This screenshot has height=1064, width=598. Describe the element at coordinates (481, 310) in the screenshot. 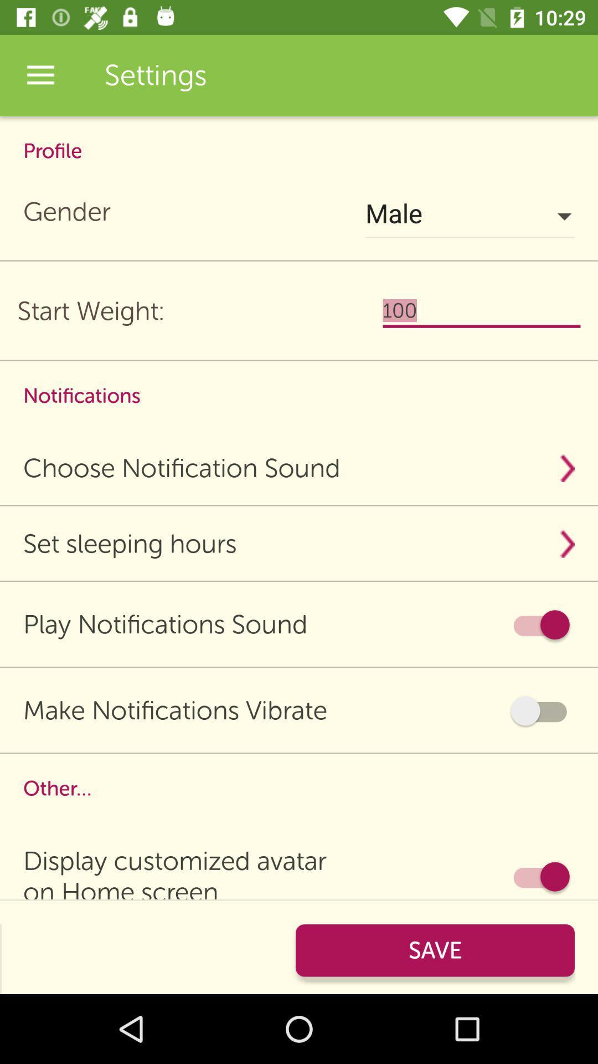

I see `the item below the male icon` at that location.